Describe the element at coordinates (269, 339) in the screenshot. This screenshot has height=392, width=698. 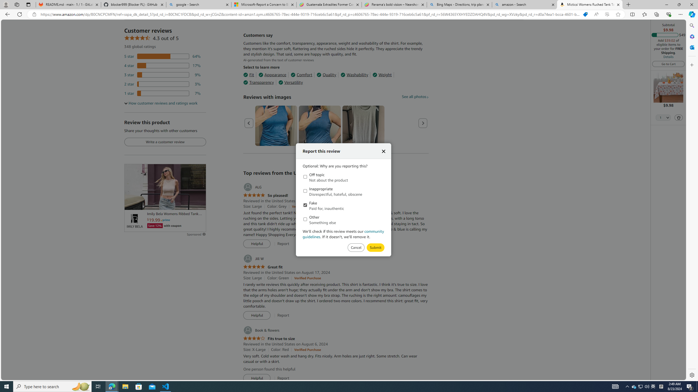
I see `'4.0 out of 5 stars Fits true to size'` at that location.